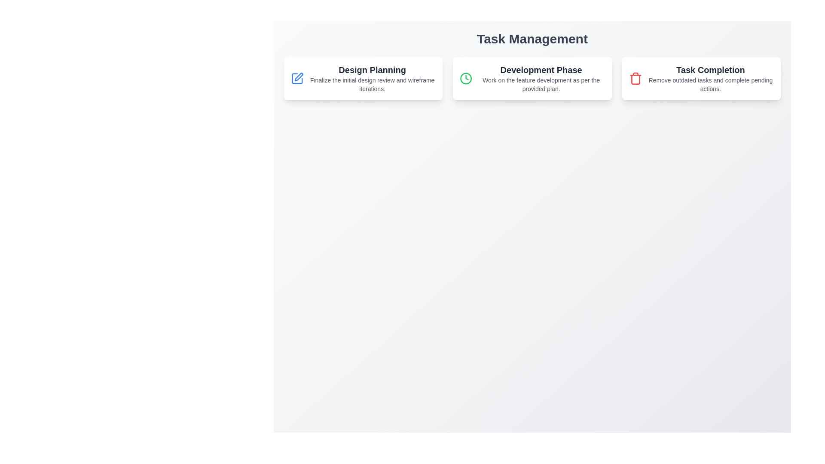 This screenshot has width=825, height=464. I want to click on the blue outlined pen icon above the 'Design Planning' text, so click(299, 76).